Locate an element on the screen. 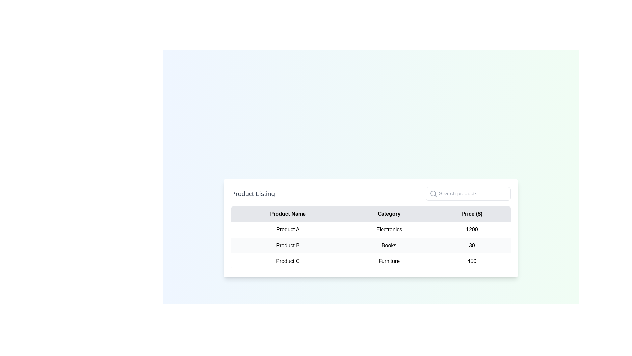  the table cell containing the numerical value '30' styled in black text on a light gray background, positioned in the third column of the row for 'Product B', aligned with the column header 'Price ($)' is located at coordinates (471, 245).